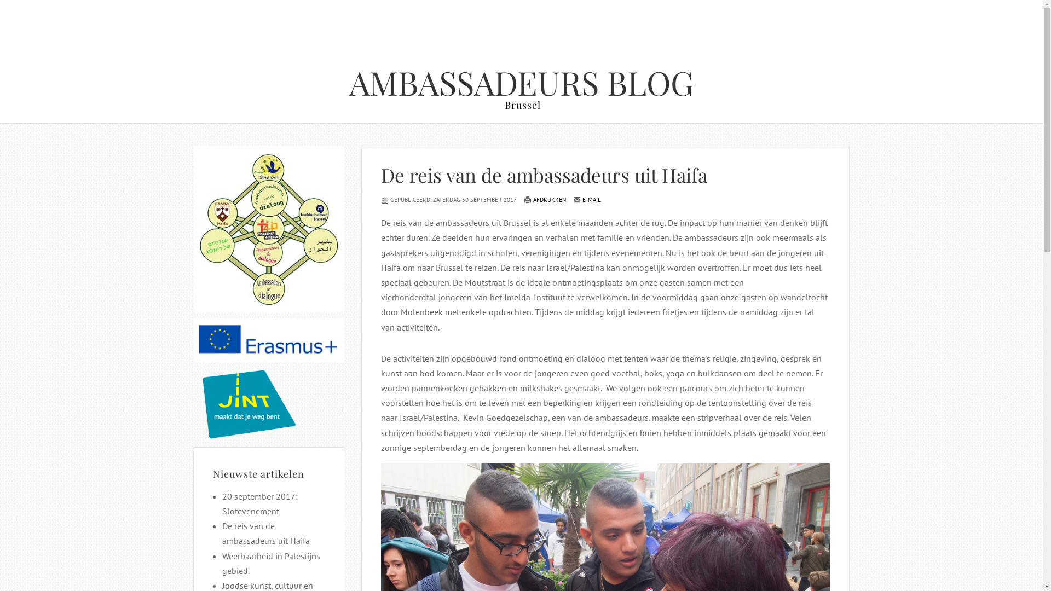 The height and width of the screenshot is (591, 1051). I want to click on 'Weerbaarheid in Palestijns gebied.', so click(222, 563).